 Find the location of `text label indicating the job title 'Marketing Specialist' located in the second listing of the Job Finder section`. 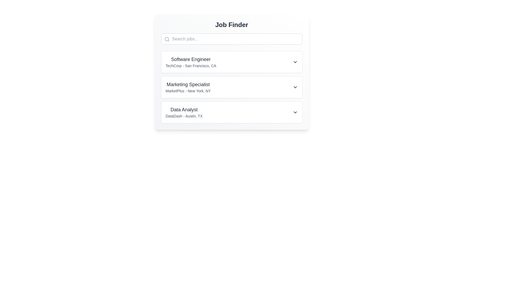

text label indicating the job title 'Marketing Specialist' located in the second listing of the Job Finder section is located at coordinates (188, 84).